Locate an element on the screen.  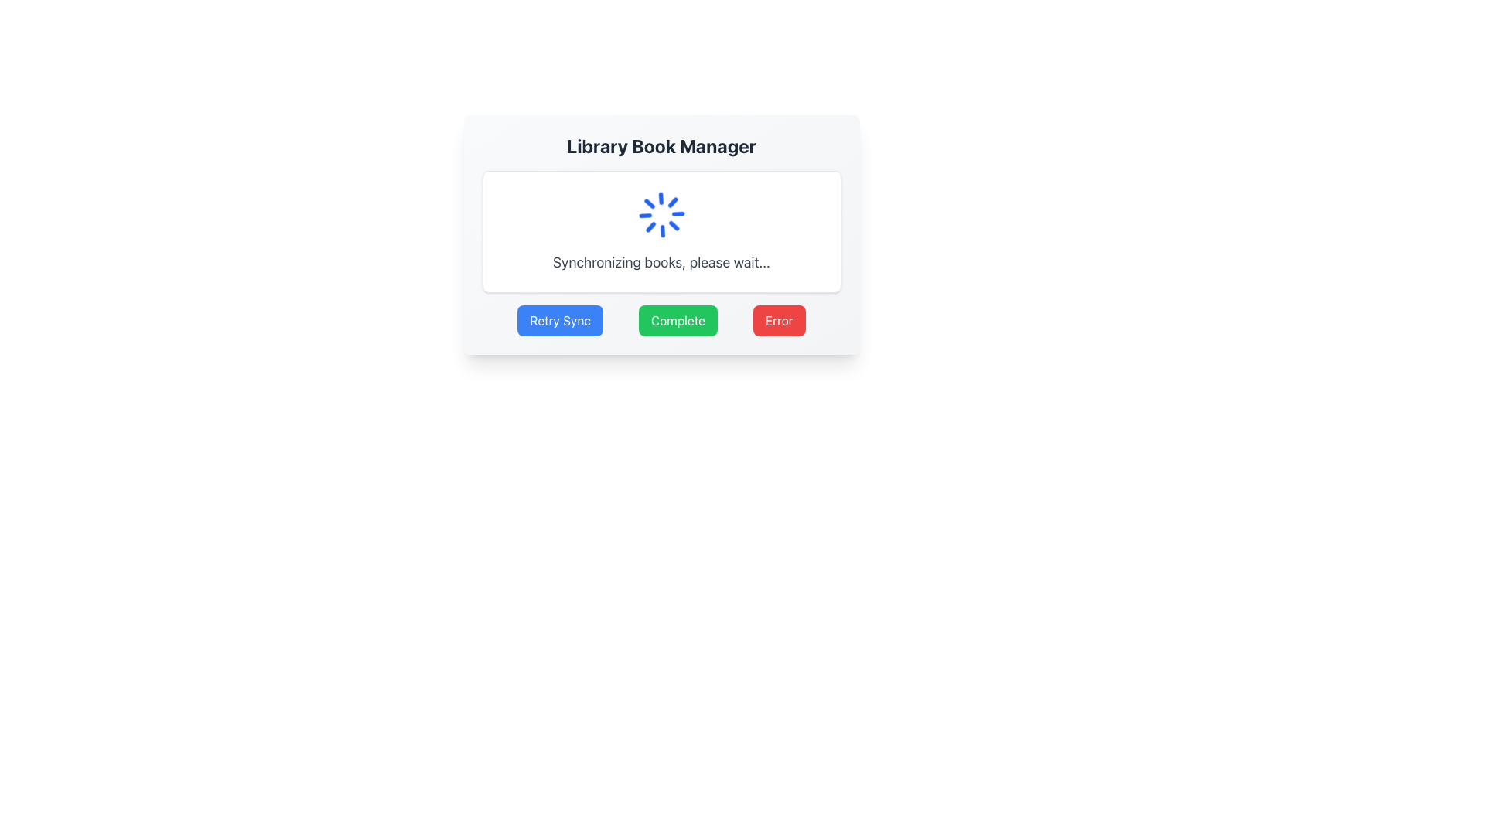
the Loading panel that displays 'Synchronizing books, please wait...' with a spinning blue loader icon, located at the center of the interface is located at coordinates (661, 232).